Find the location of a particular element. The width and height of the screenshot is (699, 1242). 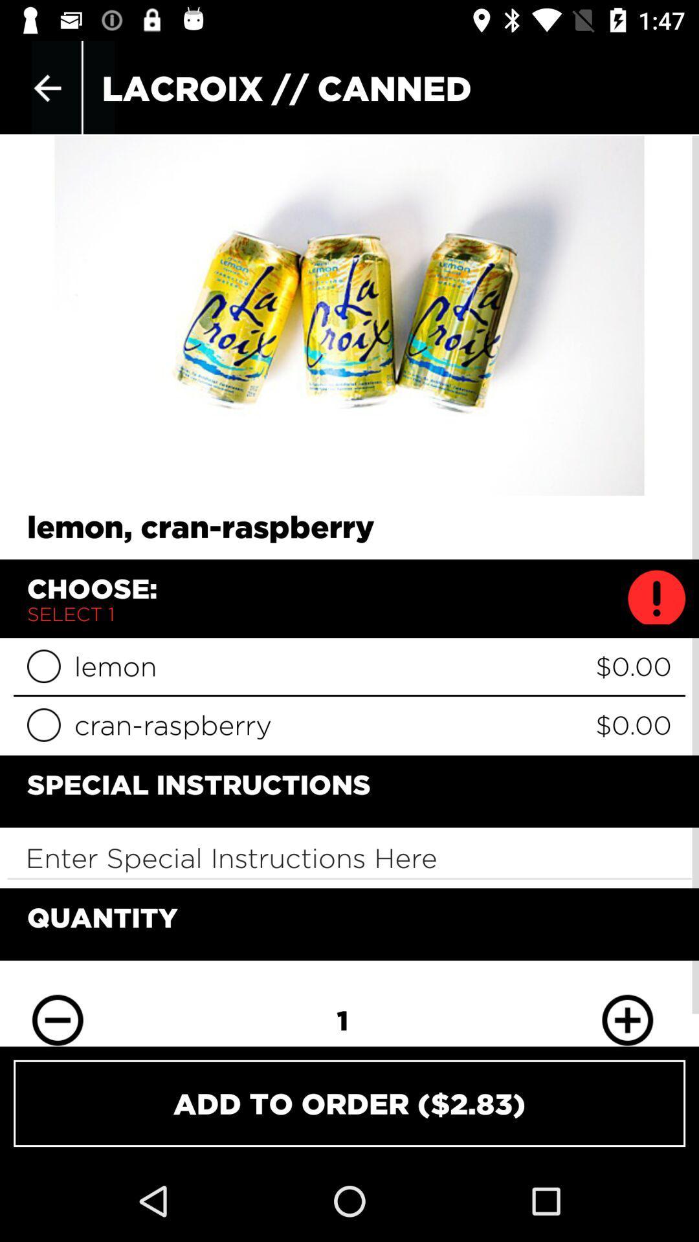

your own special instructions is located at coordinates (349, 858).